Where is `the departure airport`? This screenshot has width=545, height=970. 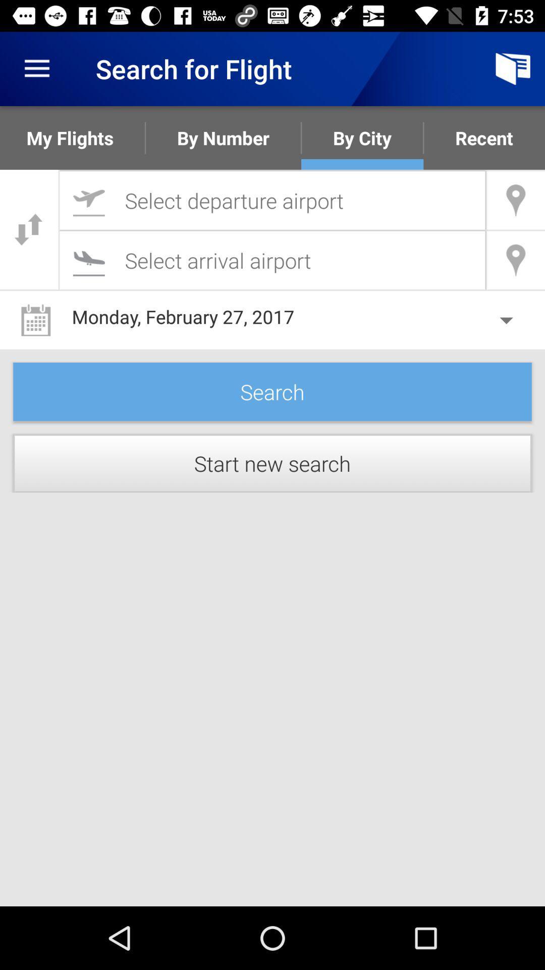 the departure airport is located at coordinates (272, 200).